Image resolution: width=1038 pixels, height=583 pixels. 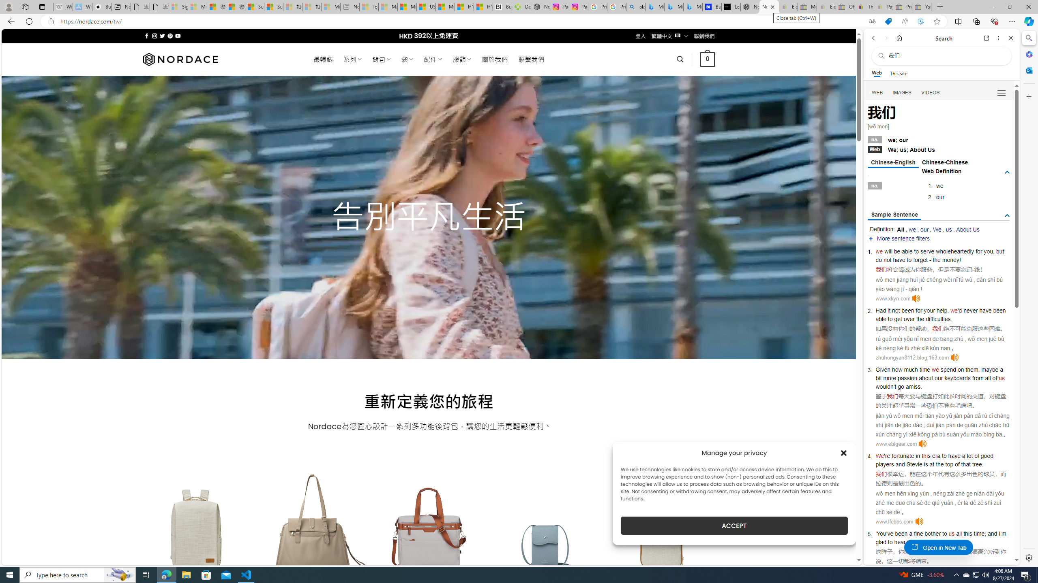 What do you see at coordinates (147, 36) in the screenshot?
I see `'Follow on Facebook'` at bounding box center [147, 36].